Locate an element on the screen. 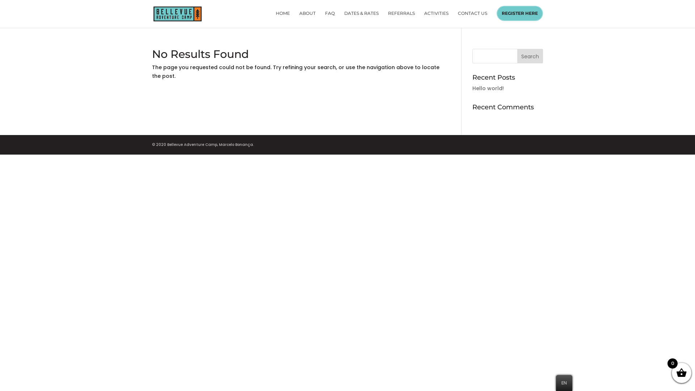  'REFERRALS' is located at coordinates (401, 19).